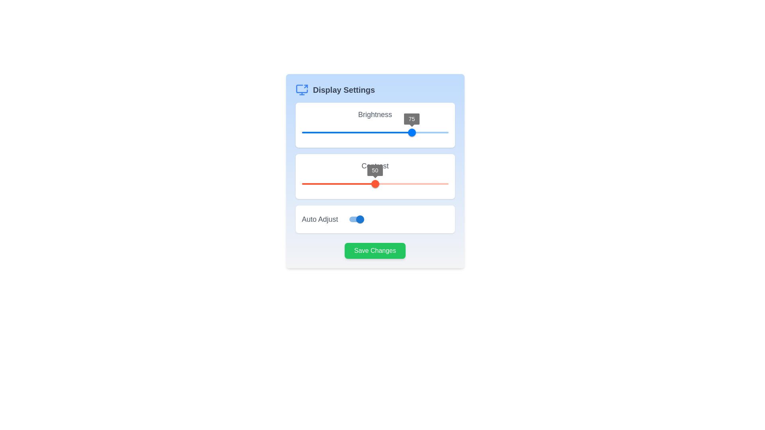 The image size is (765, 430). Describe the element at coordinates (432, 132) in the screenshot. I see `the brightness slider` at that location.